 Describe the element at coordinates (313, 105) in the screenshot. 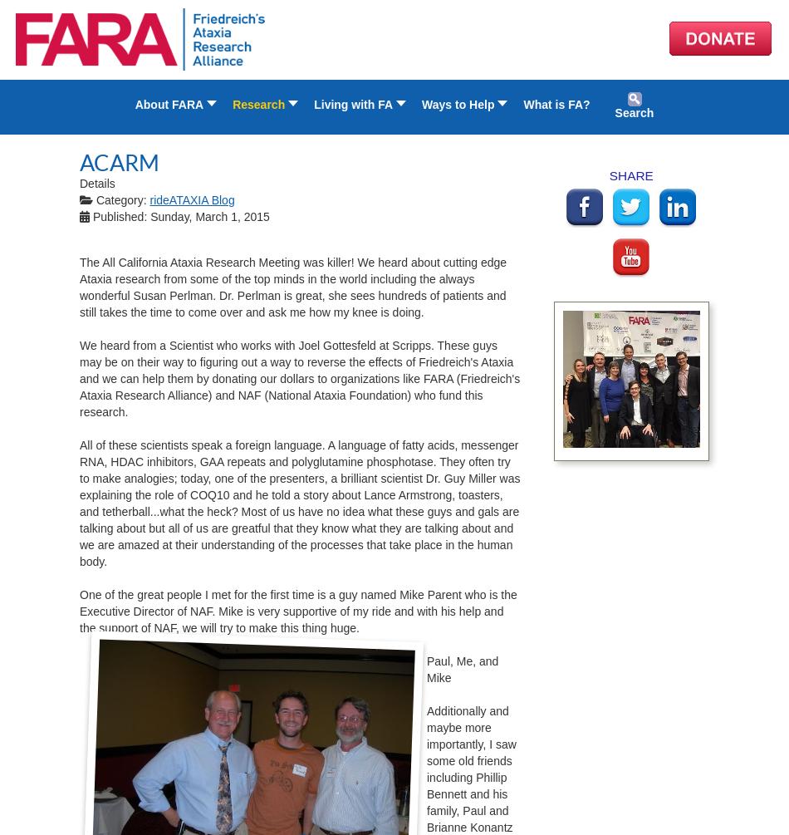

I see `'Living with FA'` at that location.